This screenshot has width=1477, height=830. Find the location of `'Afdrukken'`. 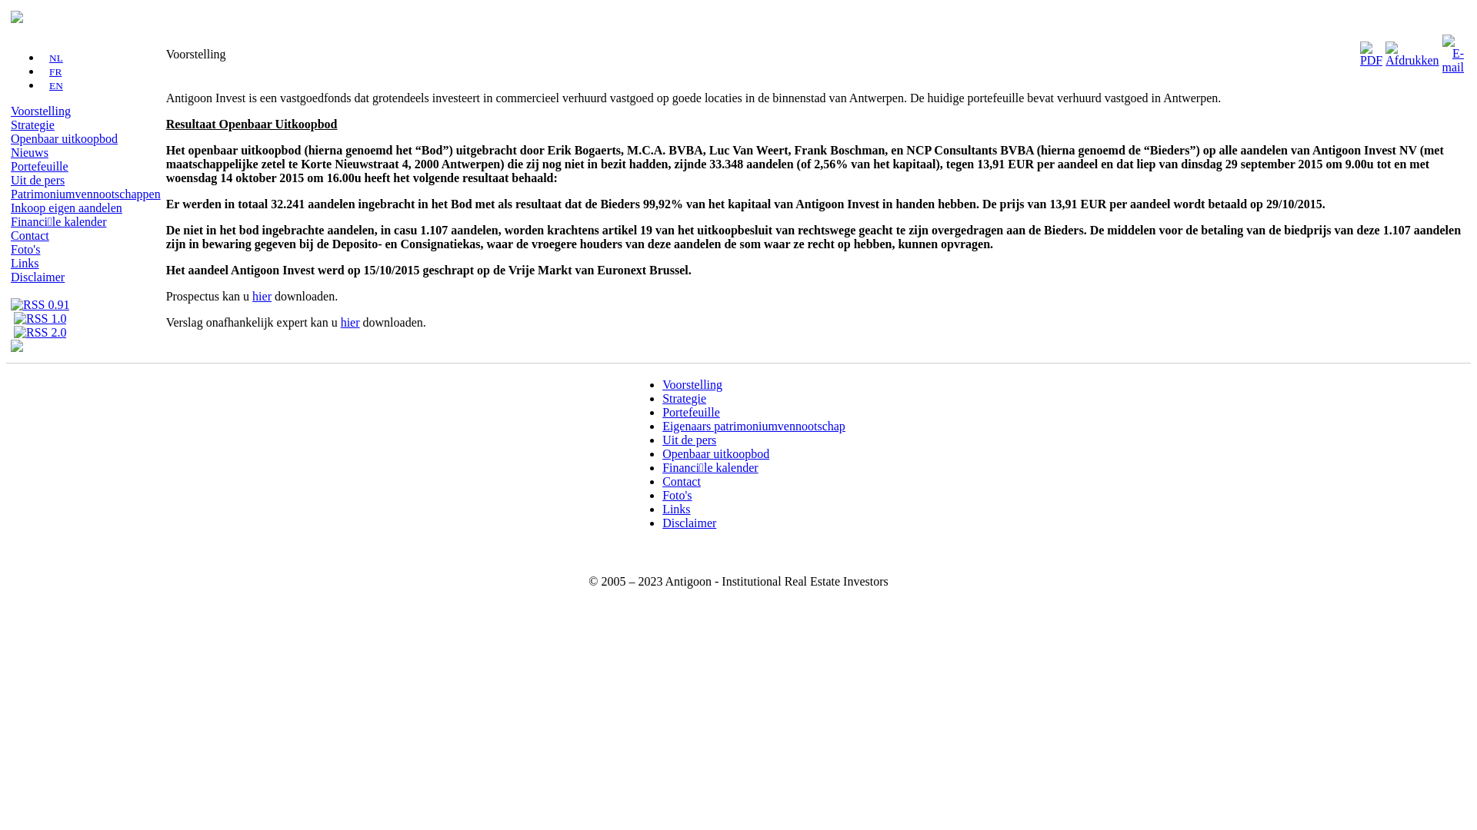

'Afdrukken' is located at coordinates (1412, 49).